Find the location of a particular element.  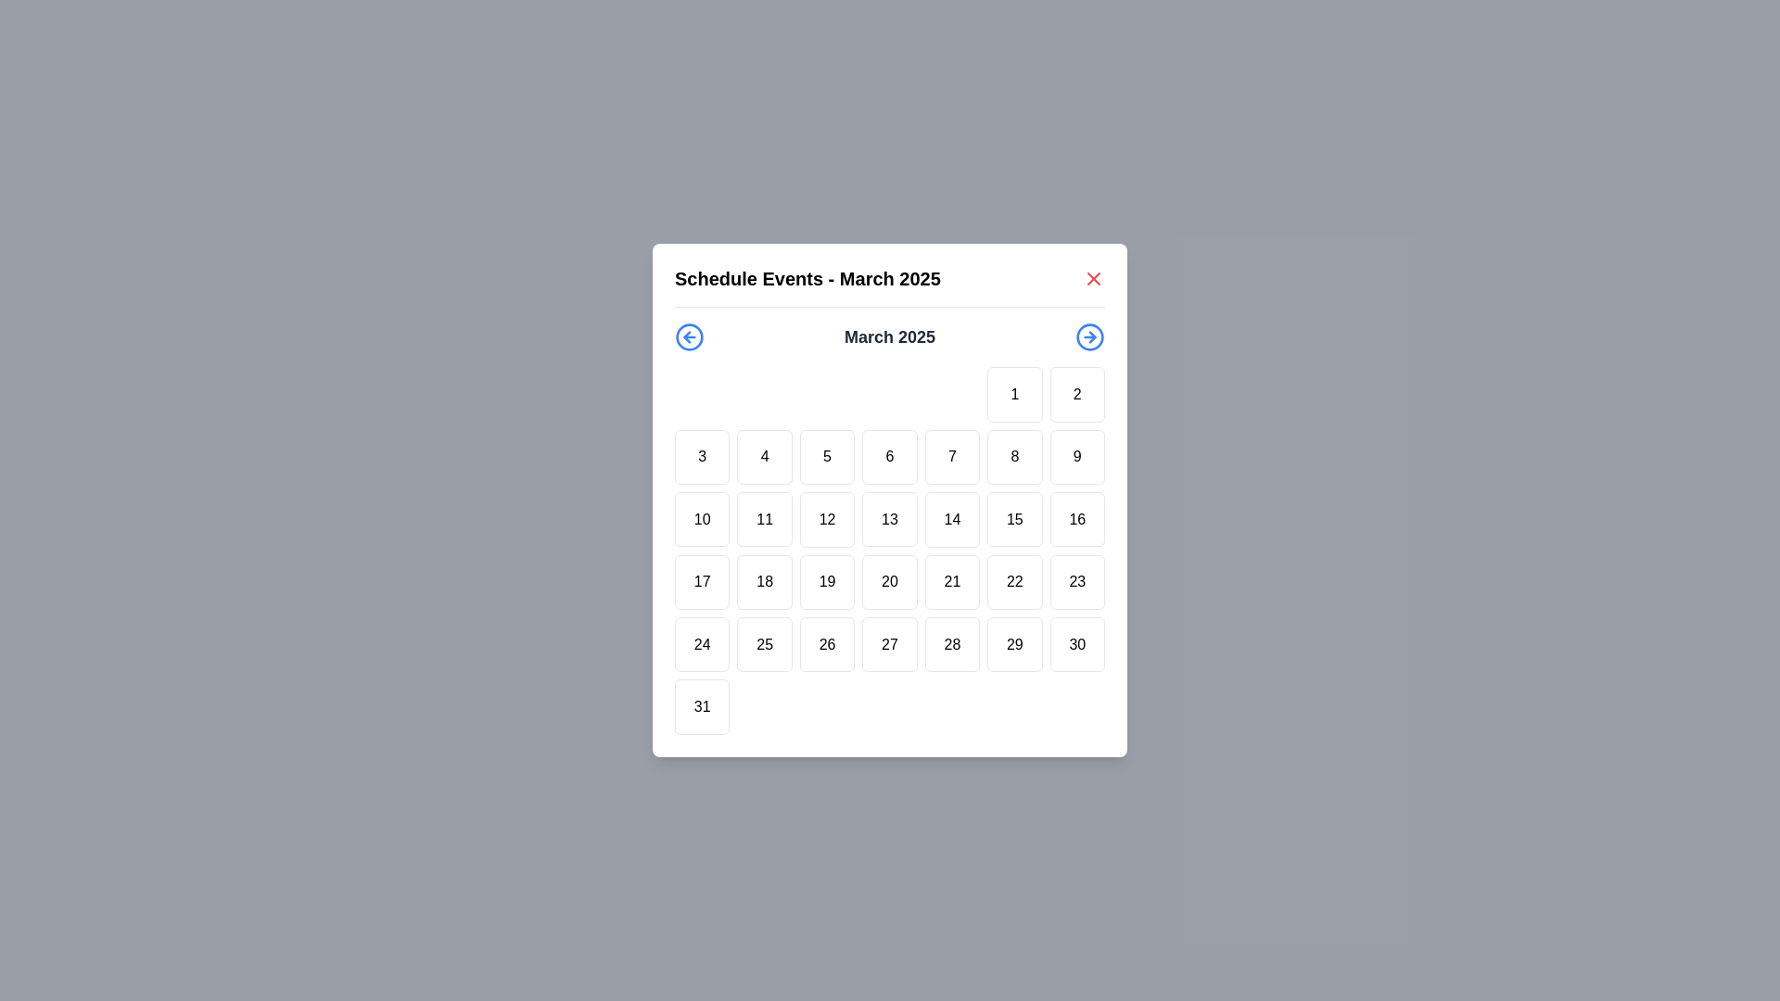

a date in the calendar grid within the 'Schedule Events - March 2025' modal is located at coordinates (890, 550).